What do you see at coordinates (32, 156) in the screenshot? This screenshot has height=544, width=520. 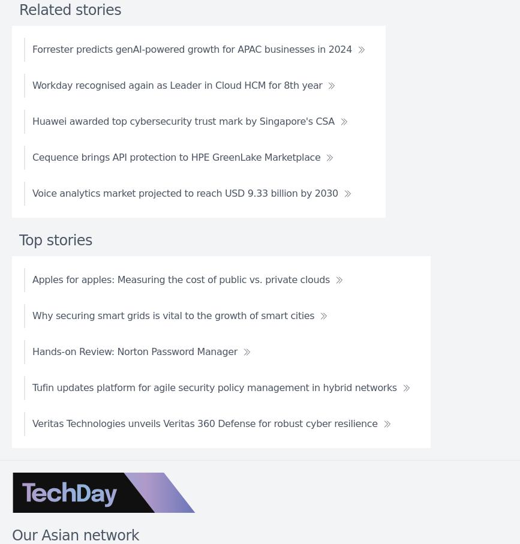 I see `'Cequence brings API protection to HPE GreenLake Marketplace'` at bounding box center [32, 156].